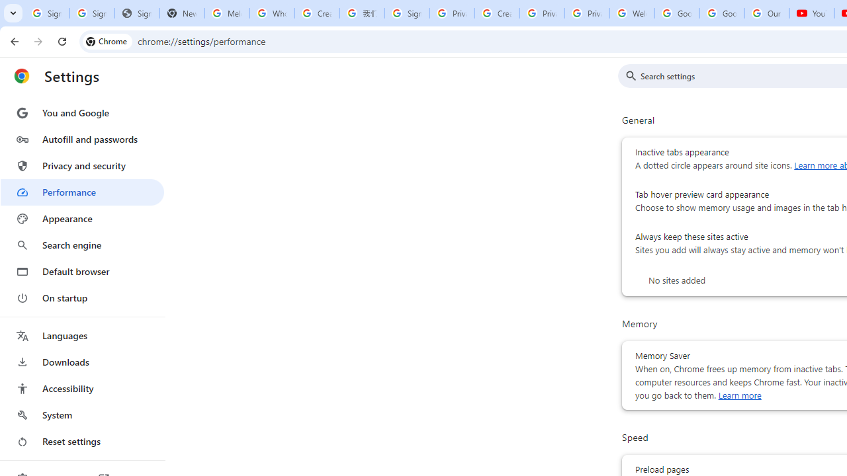 This screenshot has width=847, height=476. Describe the element at coordinates (181, 13) in the screenshot. I see `'New Tab'` at that location.